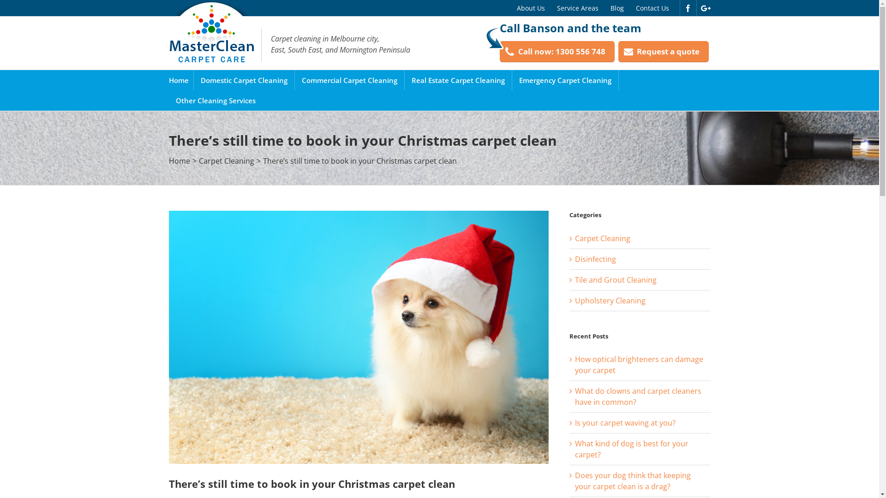 The height and width of the screenshot is (498, 886). What do you see at coordinates (458, 79) in the screenshot?
I see `'Real Estate Carpet Cleaning'` at bounding box center [458, 79].